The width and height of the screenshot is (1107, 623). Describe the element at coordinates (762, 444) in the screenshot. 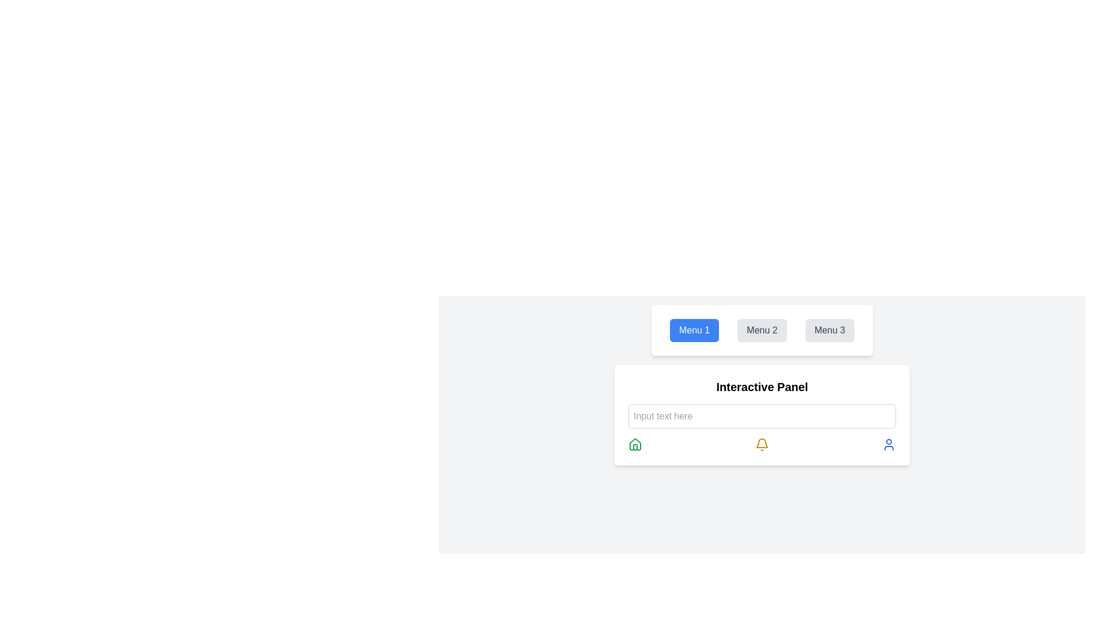

I see `the notification indicator icon` at that location.